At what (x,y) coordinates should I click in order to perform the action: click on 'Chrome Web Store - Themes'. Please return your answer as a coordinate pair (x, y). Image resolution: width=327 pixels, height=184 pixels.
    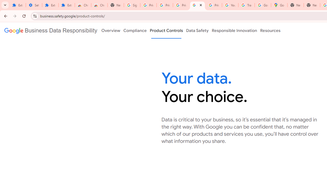
    Looking at the image, I should click on (99, 5).